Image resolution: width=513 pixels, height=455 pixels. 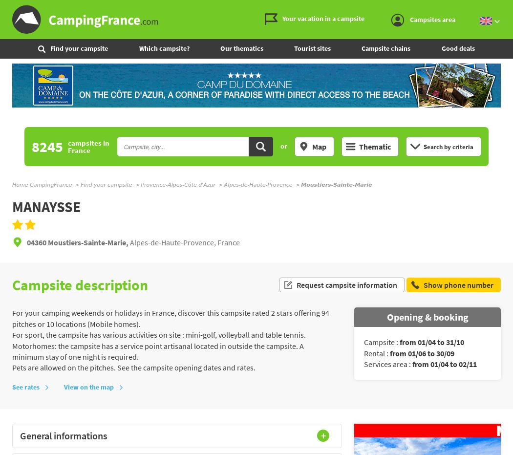 What do you see at coordinates (159, 334) in the screenshot?
I see `'For sport, the campsite has various activities on site : mini-golf, volleyball and table tennis.'` at bounding box center [159, 334].